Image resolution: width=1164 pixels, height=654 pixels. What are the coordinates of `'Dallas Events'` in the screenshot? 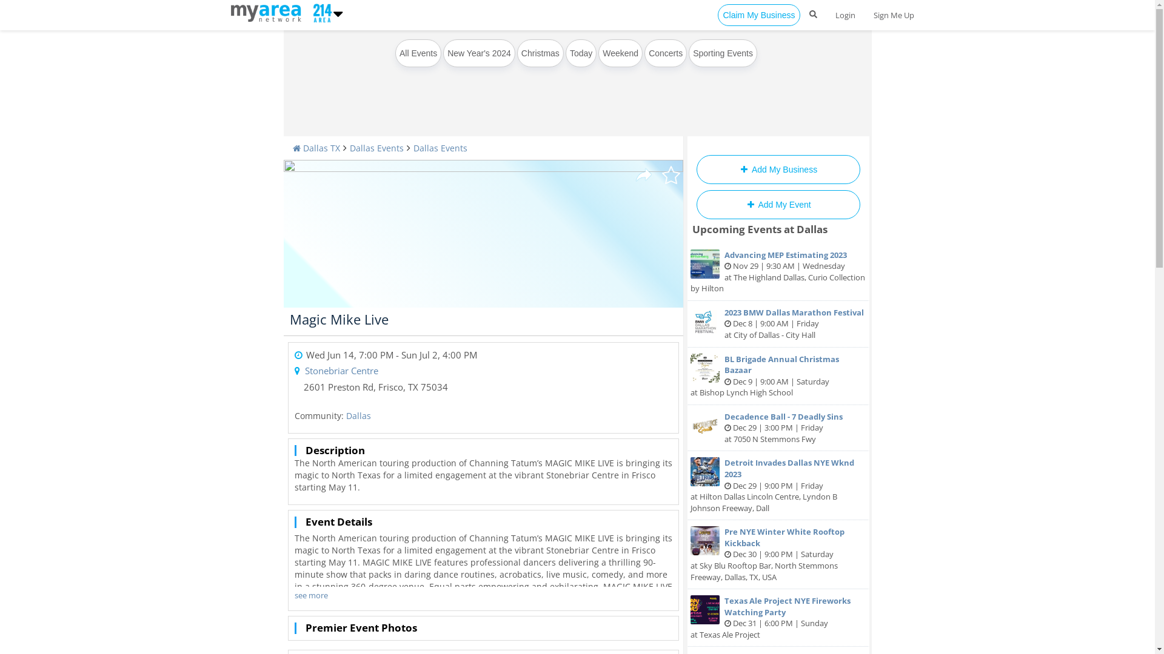 It's located at (375, 147).